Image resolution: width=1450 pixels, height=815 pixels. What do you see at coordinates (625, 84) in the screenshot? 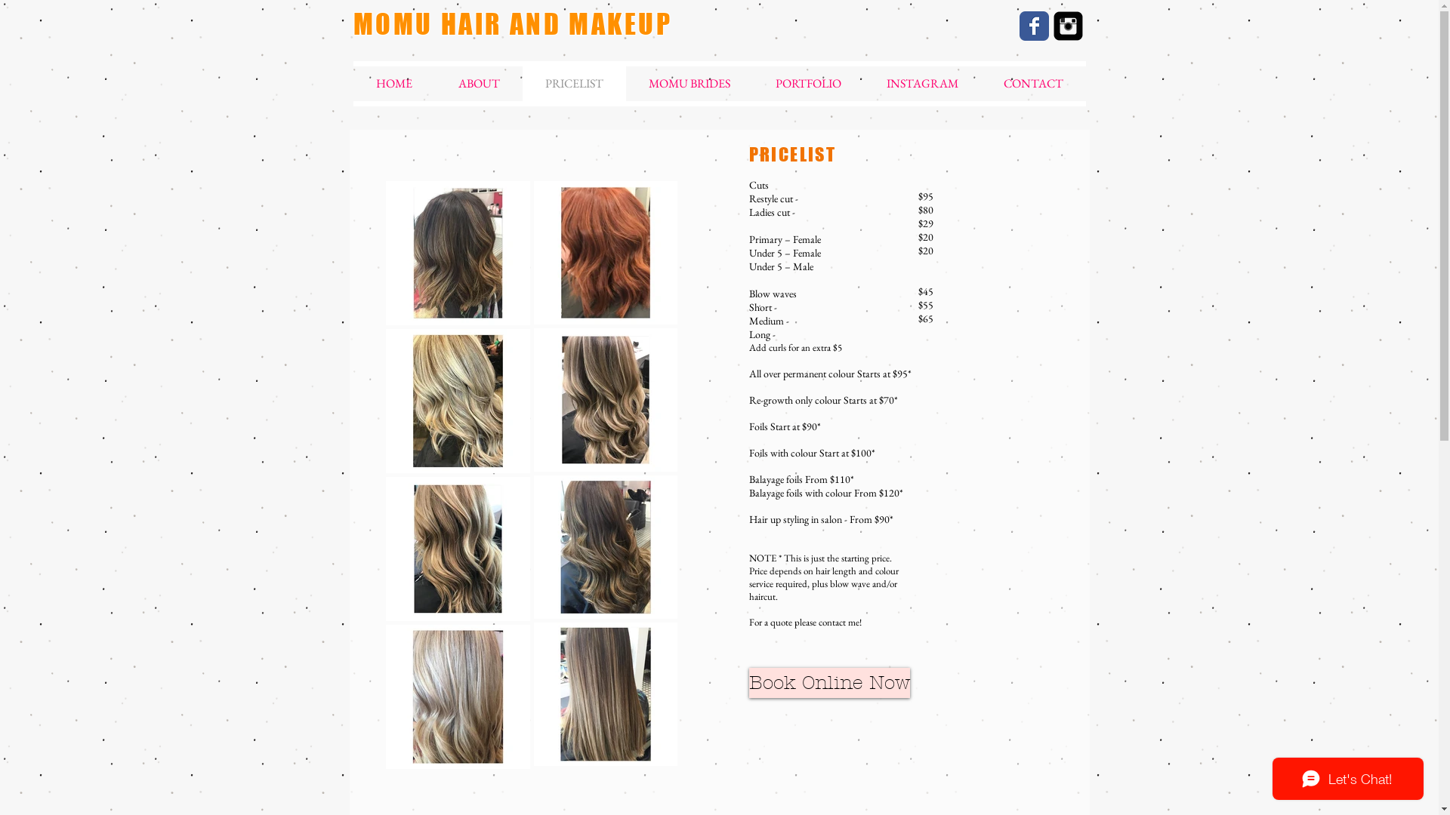
I see `'MOMU BRIDES'` at bounding box center [625, 84].